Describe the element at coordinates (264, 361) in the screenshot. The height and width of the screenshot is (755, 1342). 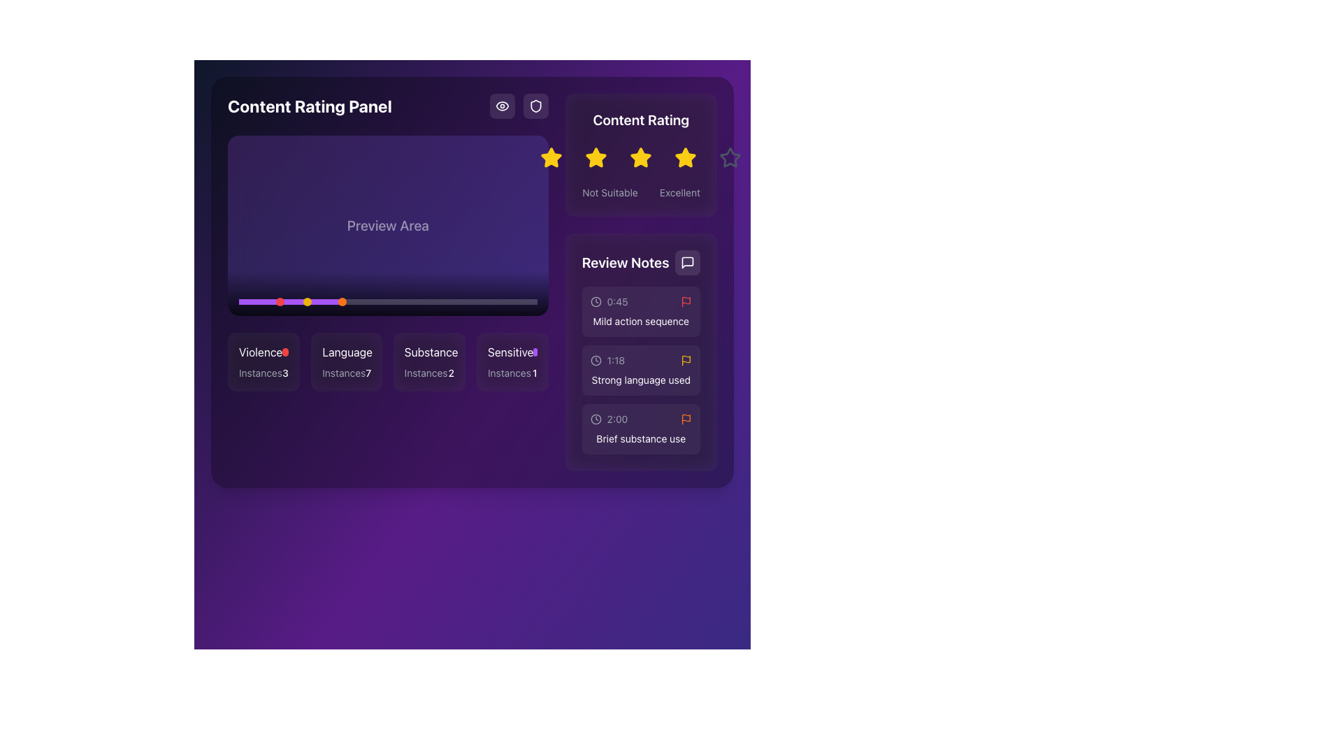
I see `the 'violence' category card, which displays an instance count of '3', located at the top-left position of a grid of four cards in the content rating panel` at that location.